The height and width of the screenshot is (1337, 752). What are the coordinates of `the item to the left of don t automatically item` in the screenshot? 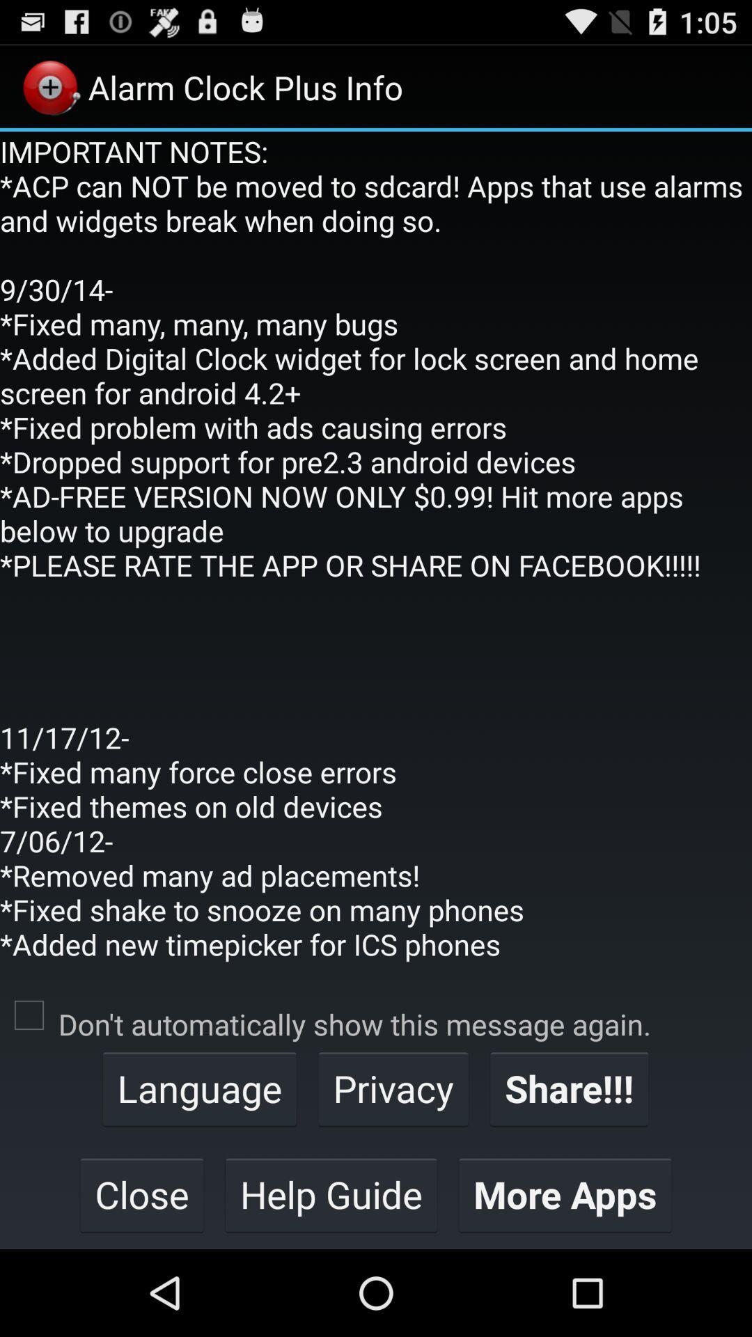 It's located at (29, 1015).